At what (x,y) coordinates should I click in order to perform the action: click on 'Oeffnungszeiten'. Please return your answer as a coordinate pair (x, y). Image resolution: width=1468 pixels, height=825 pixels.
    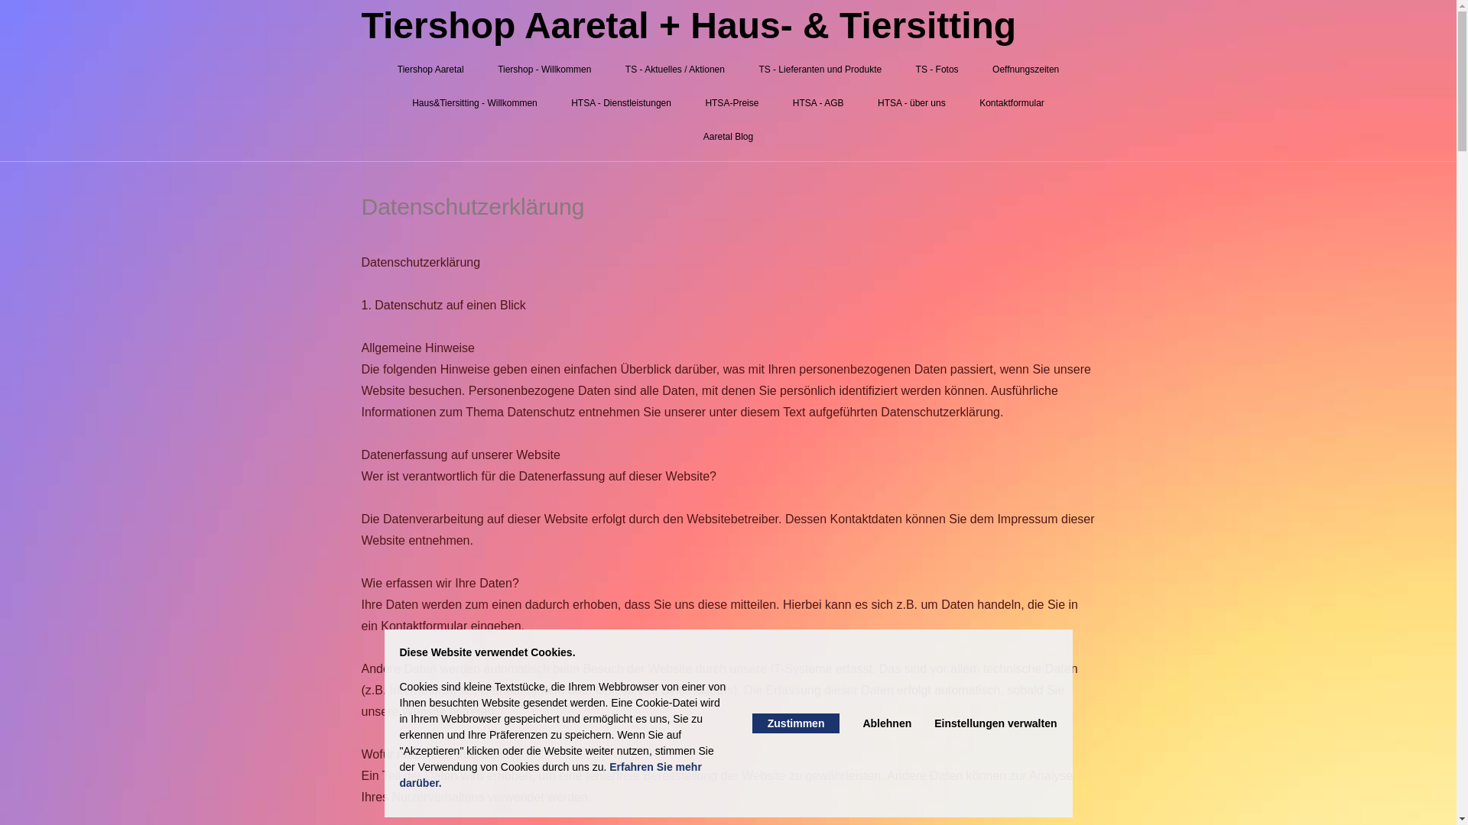
    Looking at the image, I should click on (1025, 70).